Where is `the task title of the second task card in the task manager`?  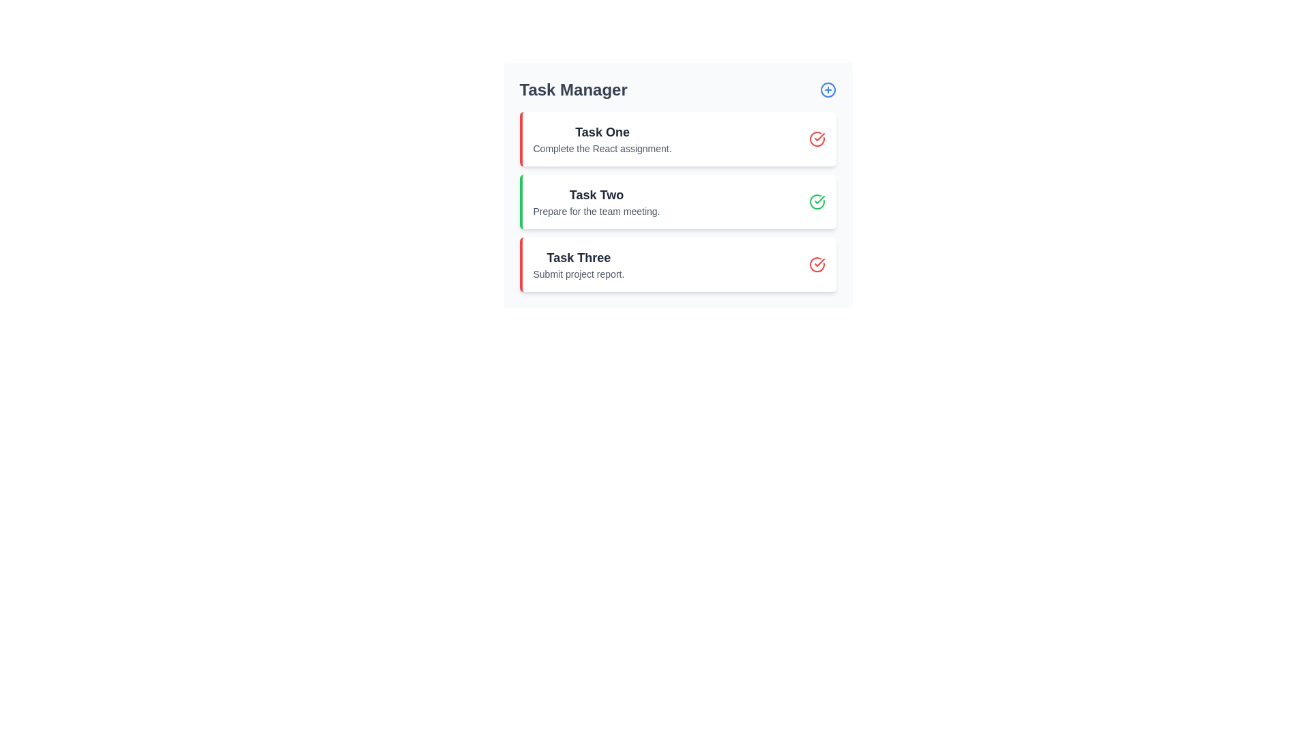
the task title of the second task card in the task manager is located at coordinates (678, 186).